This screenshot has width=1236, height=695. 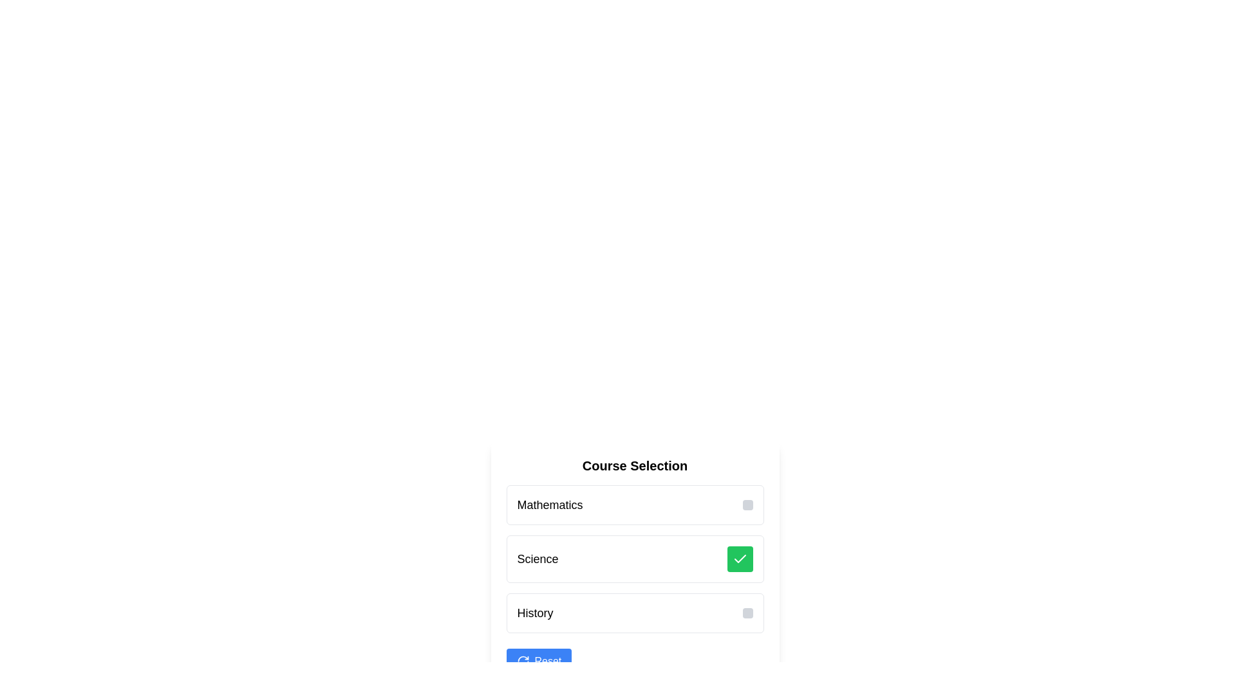 What do you see at coordinates (740, 558) in the screenshot?
I see `the 'Science' selection icon located in the vertical list labeled 'Course Selection', positioned to the far-right of the second row adjacent to the text 'Science'` at bounding box center [740, 558].